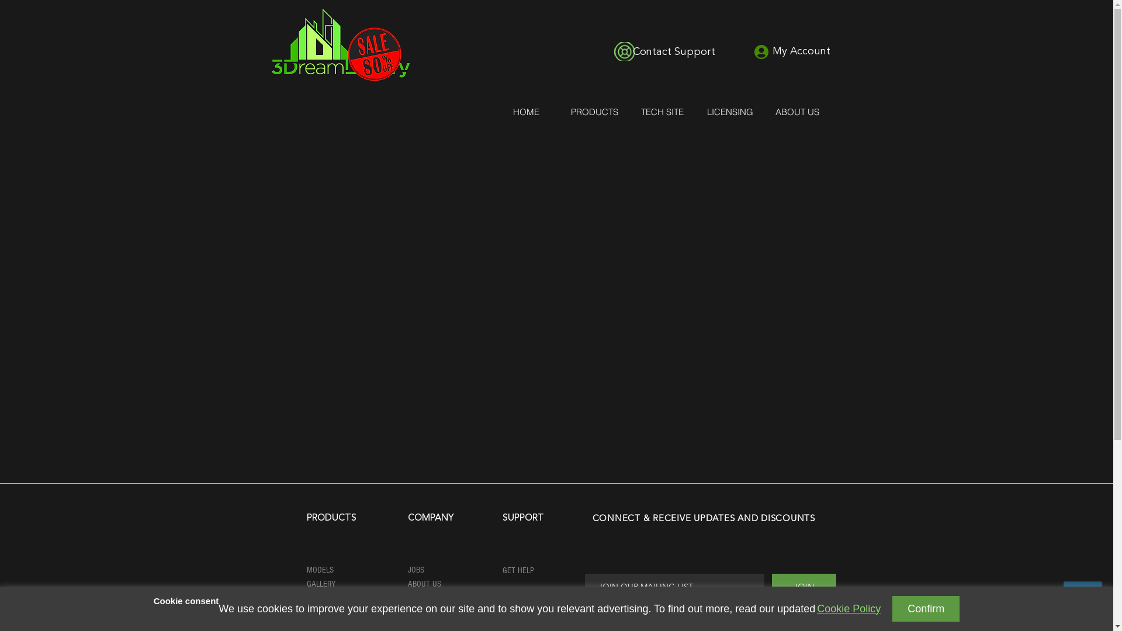  What do you see at coordinates (415, 569) in the screenshot?
I see `'JOBS'` at bounding box center [415, 569].